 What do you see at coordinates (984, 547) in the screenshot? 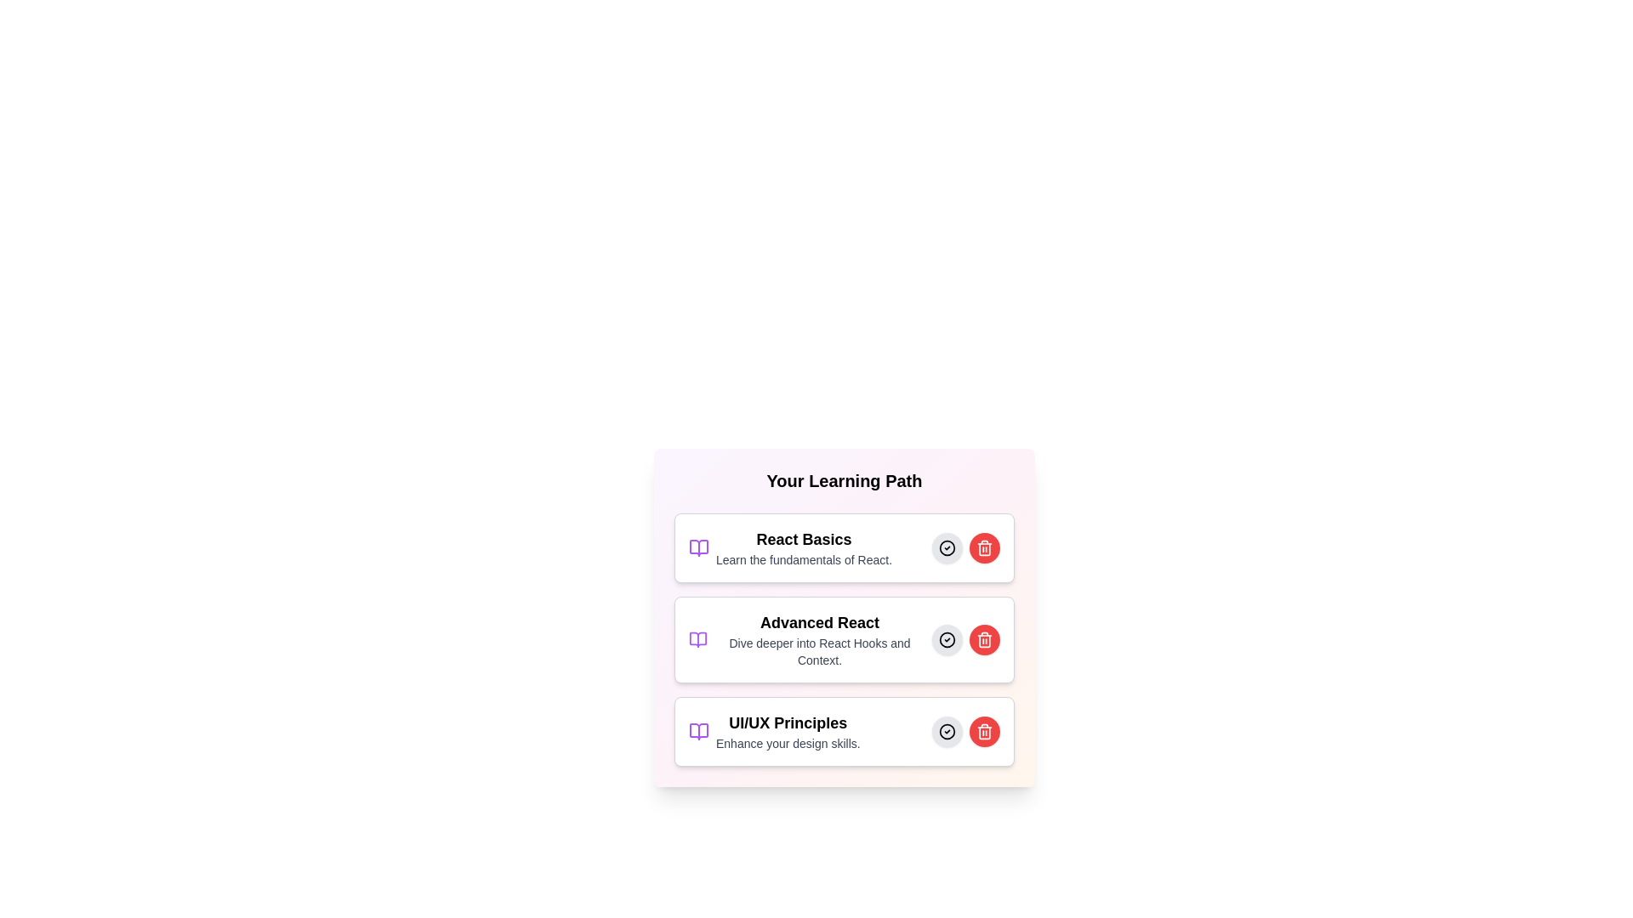
I see `trash icon to remove the learning material titled React Basics` at bounding box center [984, 547].